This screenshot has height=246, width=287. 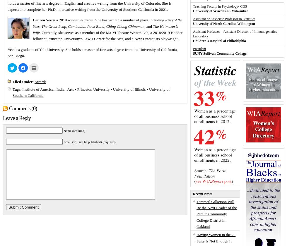 What do you see at coordinates (129, 89) in the screenshot?
I see `'University of Illinois'` at bounding box center [129, 89].